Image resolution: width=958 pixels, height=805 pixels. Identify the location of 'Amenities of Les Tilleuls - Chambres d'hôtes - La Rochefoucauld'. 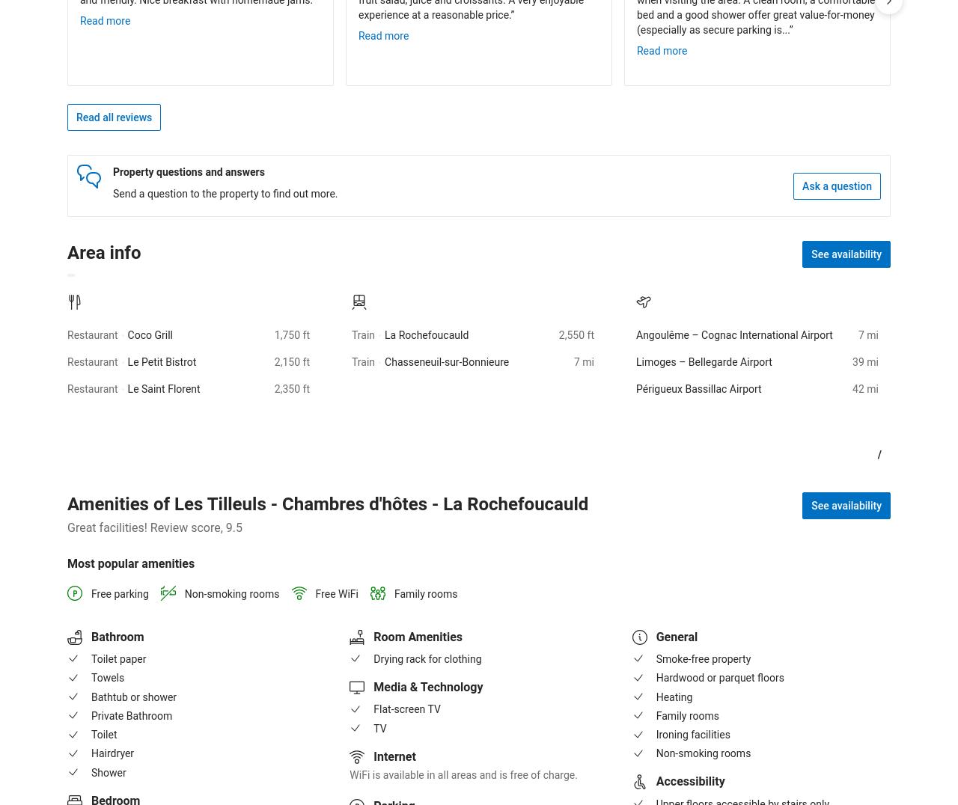
(327, 504).